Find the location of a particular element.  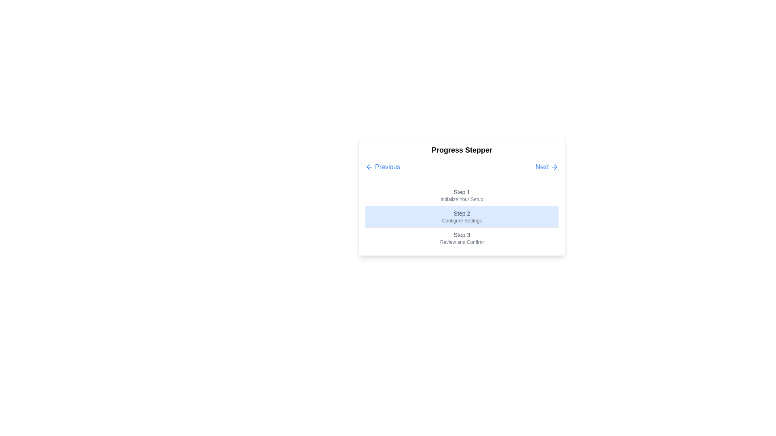

the 'Next' button located at the bottom-right corner of the card-like component is located at coordinates (547, 166).